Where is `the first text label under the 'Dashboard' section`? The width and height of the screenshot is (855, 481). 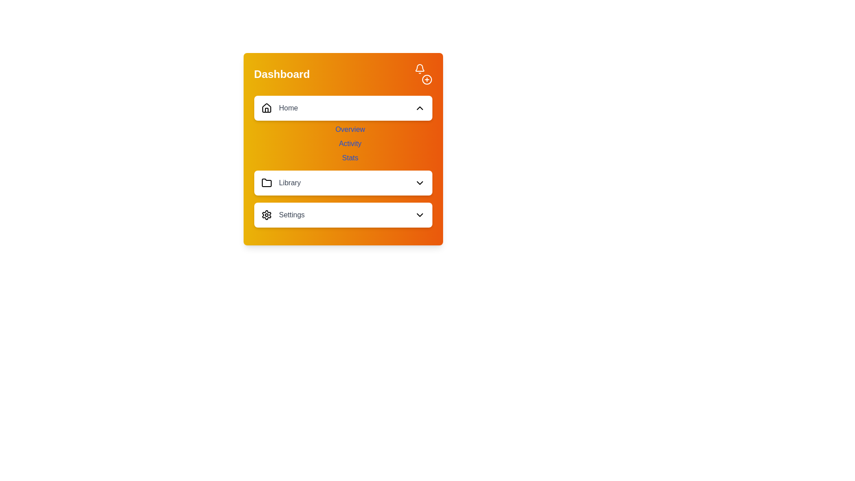 the first text label under the 'Dashboard' section is located at coordinates (350, 129).